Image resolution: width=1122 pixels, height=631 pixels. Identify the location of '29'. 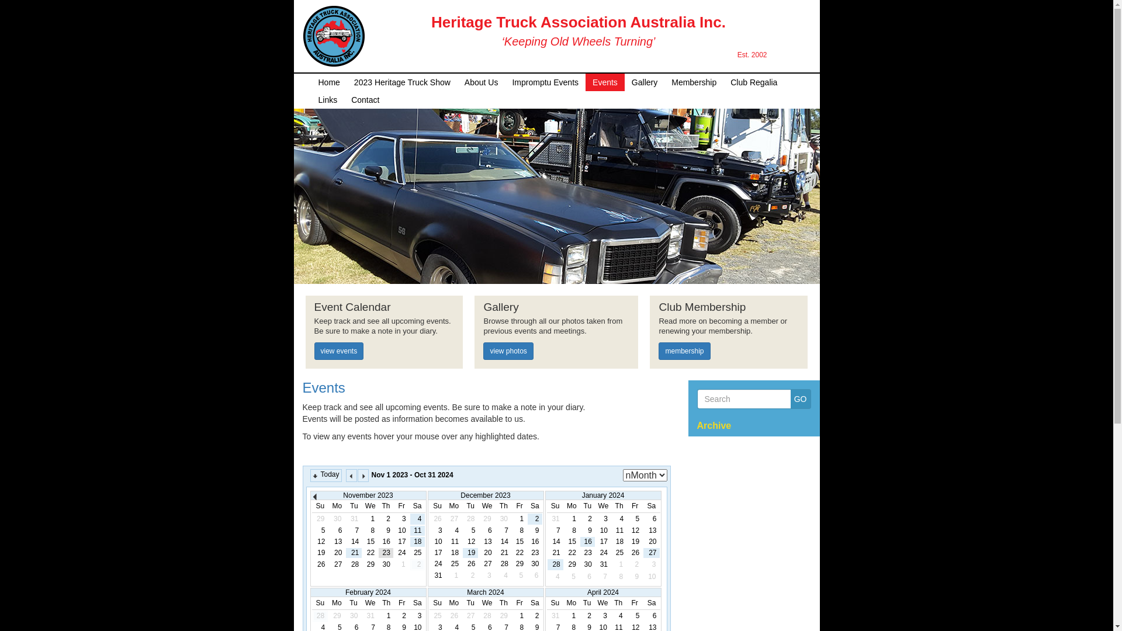
(572, 564).